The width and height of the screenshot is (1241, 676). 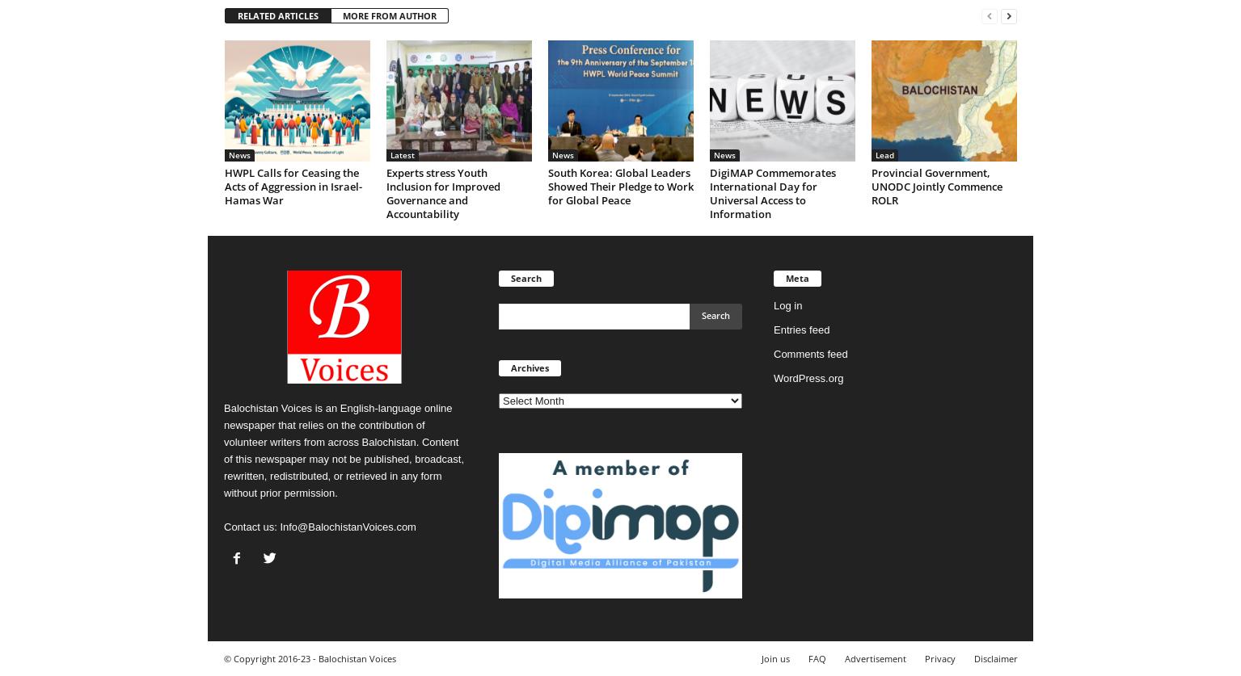 I want to click on 'Info@BalochistanVoices.com', so click(x=347, y=527).